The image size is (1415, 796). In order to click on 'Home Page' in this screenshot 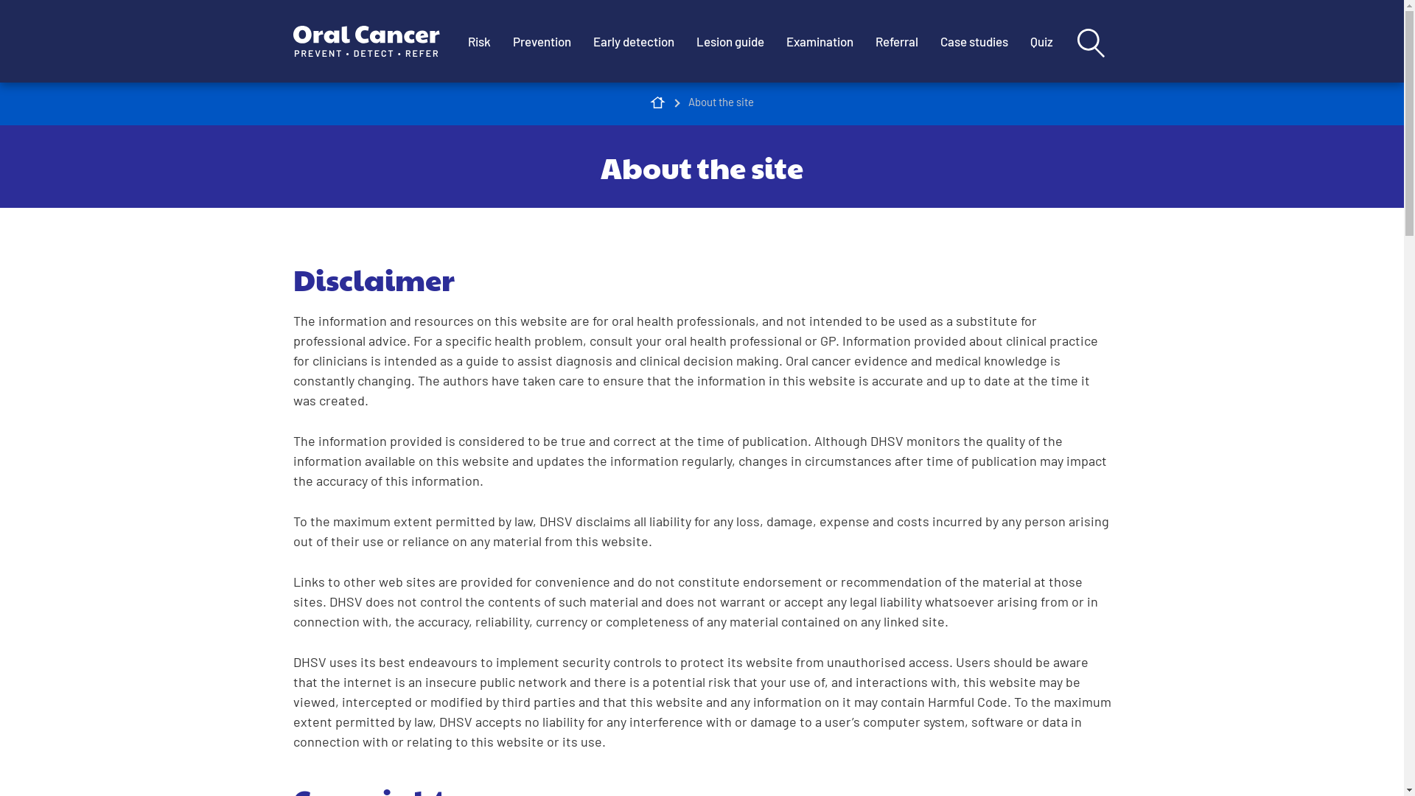, I will do `click(657, 101)`.